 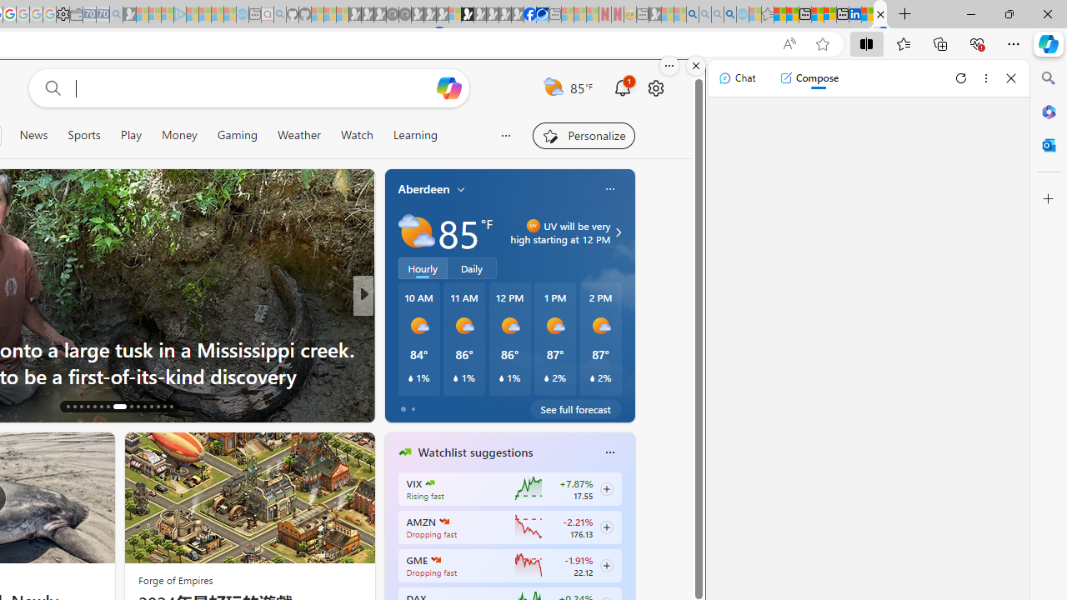 I want to click on 'AutomationID: tab-19', so click(x=87, y=407).